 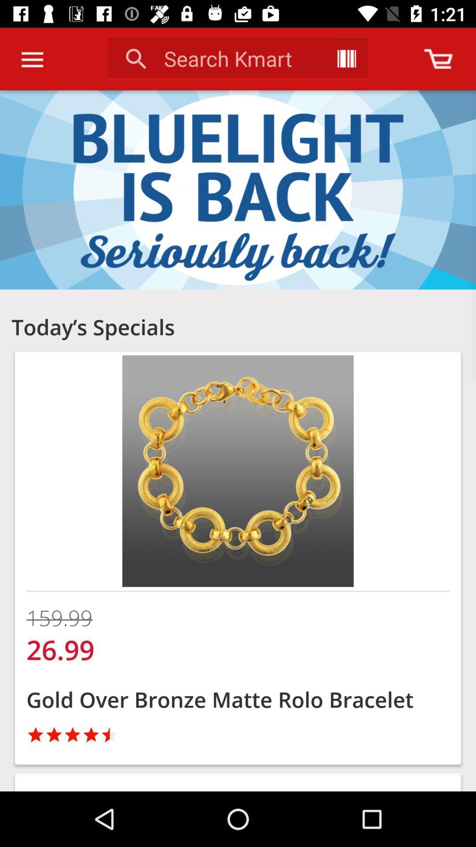 I want to click on cart option, so click(x=438, y=58).